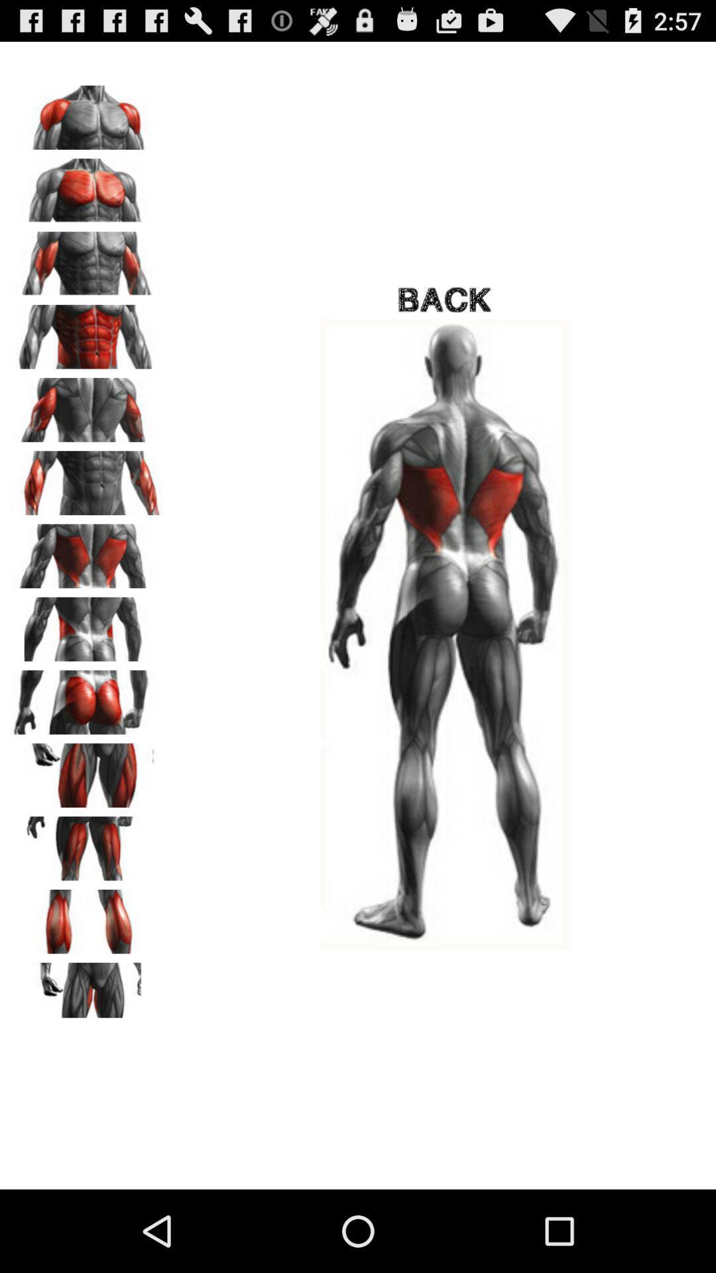 The image size is (716, 1273). What do you see at coordinates (87, 697) in the screenshot?
I see `human buttock muscle anatomy` at bounding box center [87, 697].